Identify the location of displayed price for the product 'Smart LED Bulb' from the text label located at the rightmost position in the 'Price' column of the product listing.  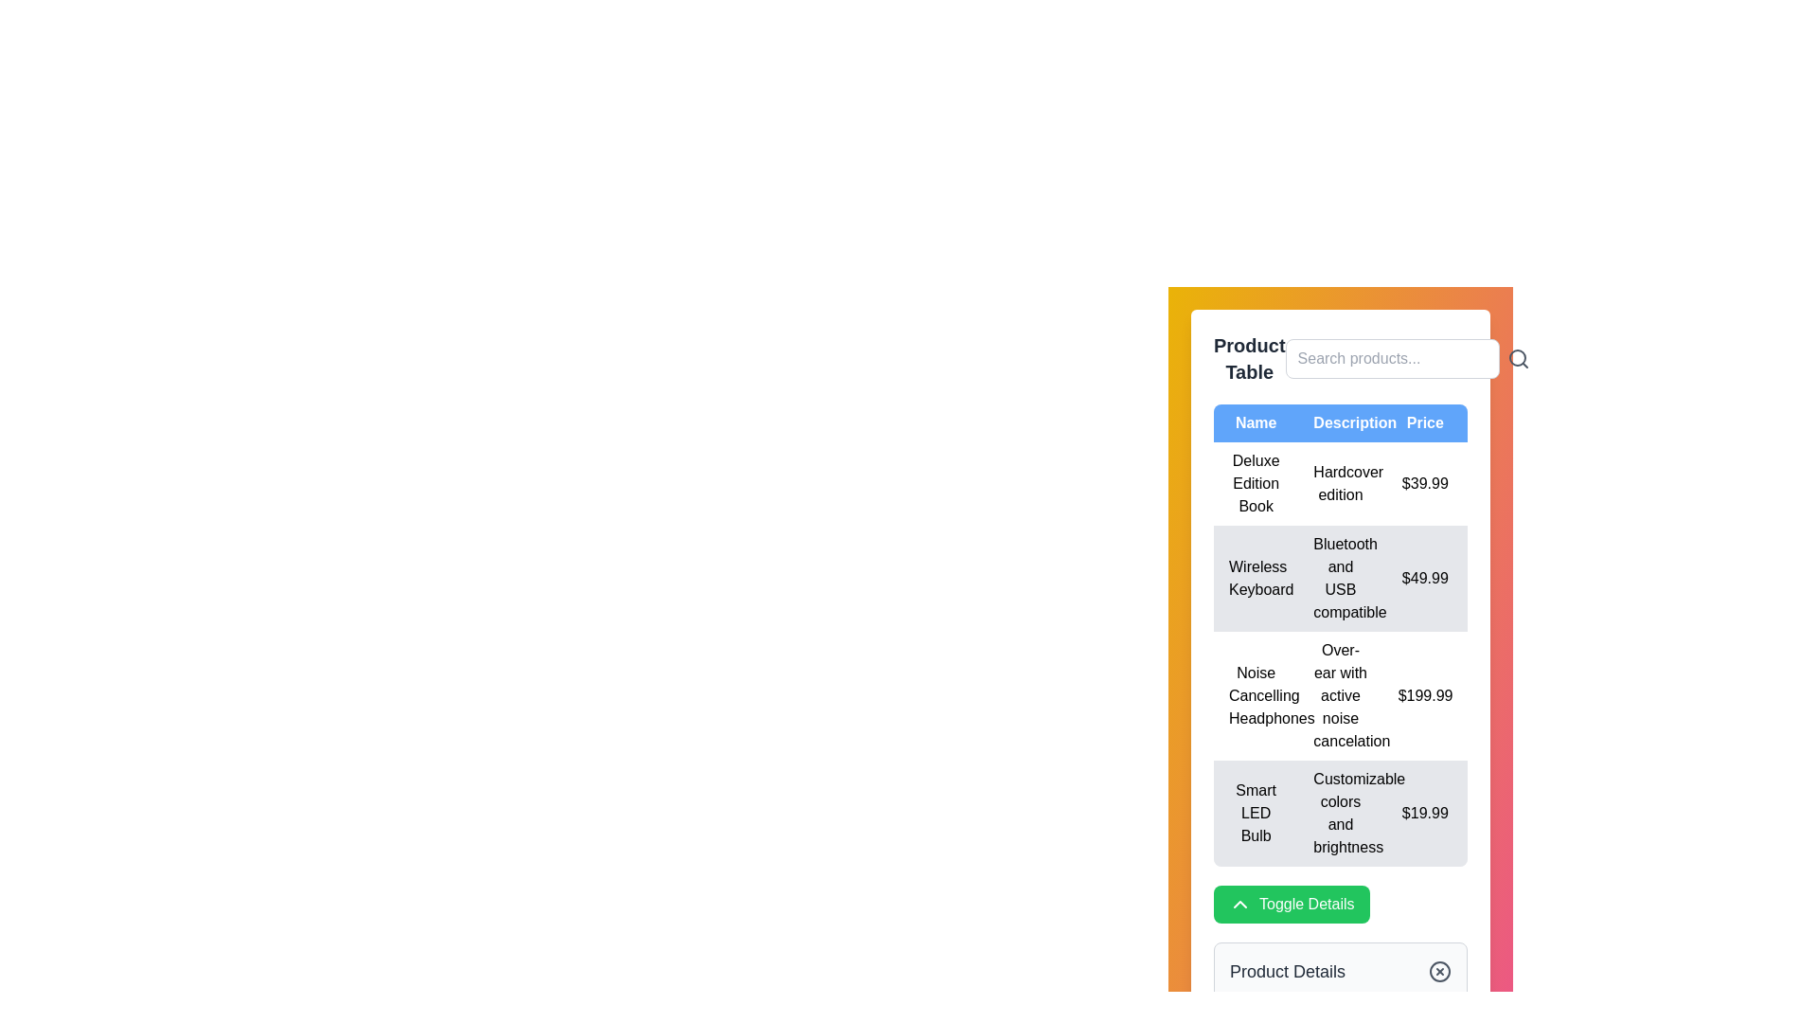
(1425, 813).